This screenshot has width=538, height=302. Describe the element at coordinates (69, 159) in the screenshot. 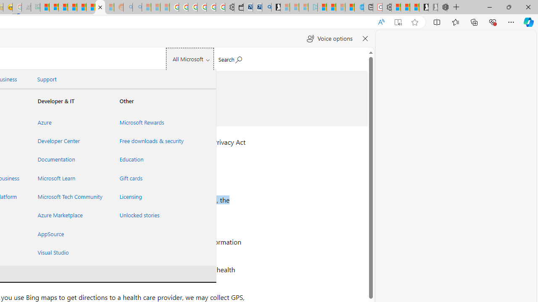

I see `'Documentation'` at that location.